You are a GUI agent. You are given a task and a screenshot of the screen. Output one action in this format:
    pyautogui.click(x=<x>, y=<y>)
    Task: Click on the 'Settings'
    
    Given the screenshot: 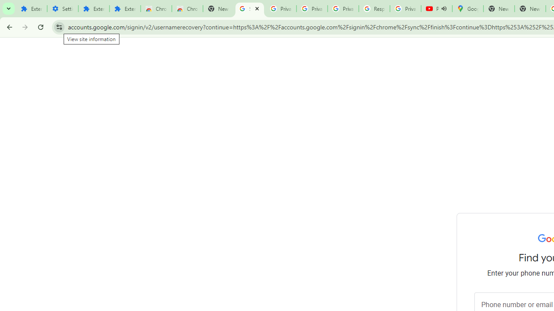 What is the action you would take?
    pyautogui.click(x=62, y=9)
    